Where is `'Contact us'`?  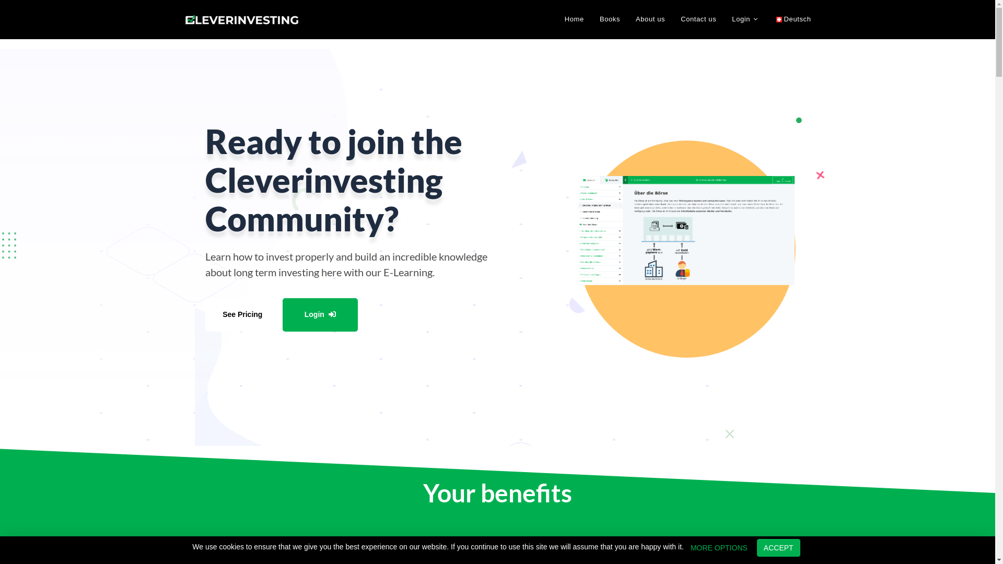 'Contact us' is located at coordinates (698, 19).